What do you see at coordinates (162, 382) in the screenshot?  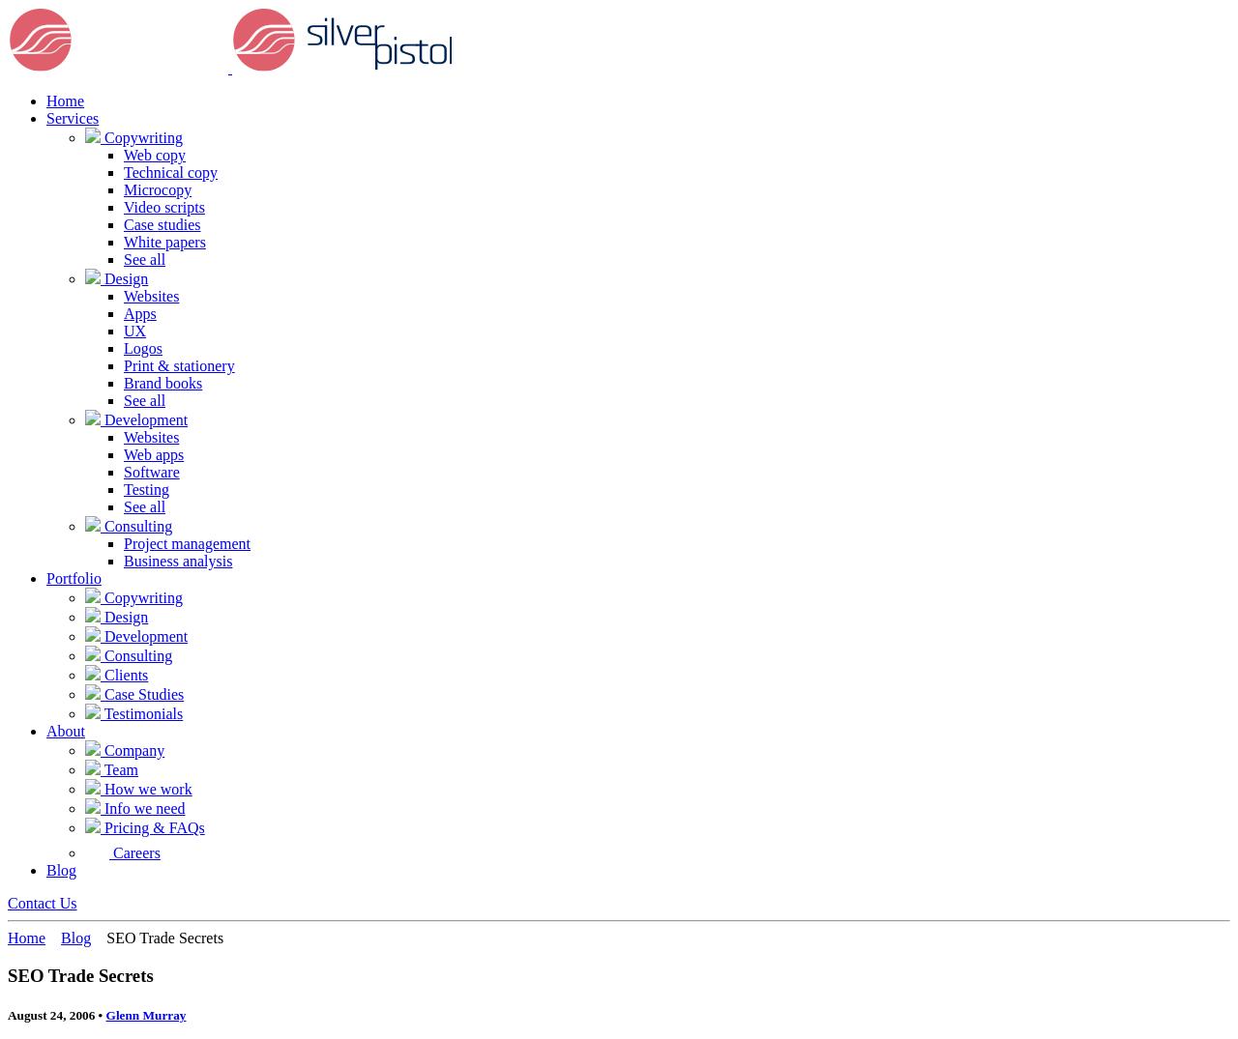 I see `'Brand books'` at bounding box center [162, 382].